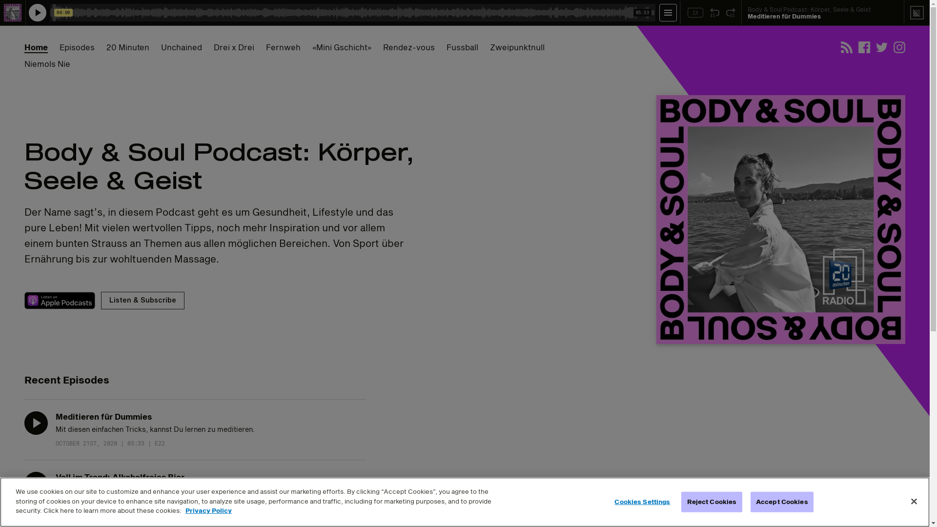 The image size is (937, 527). Describe the element at coordinates (127, 47) in the screenshot. I see `'20 Minuten'` at that location.